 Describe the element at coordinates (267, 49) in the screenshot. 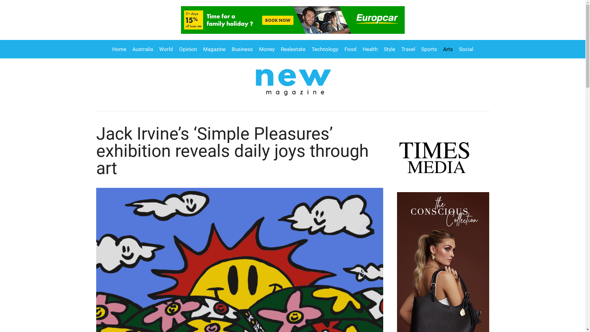

I see `'Money'` at that location.